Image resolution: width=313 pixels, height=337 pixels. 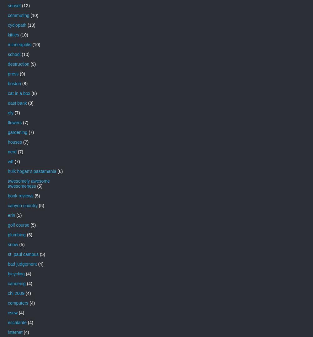 I want to click on 'bad judgement', so click(x=8, y=263).